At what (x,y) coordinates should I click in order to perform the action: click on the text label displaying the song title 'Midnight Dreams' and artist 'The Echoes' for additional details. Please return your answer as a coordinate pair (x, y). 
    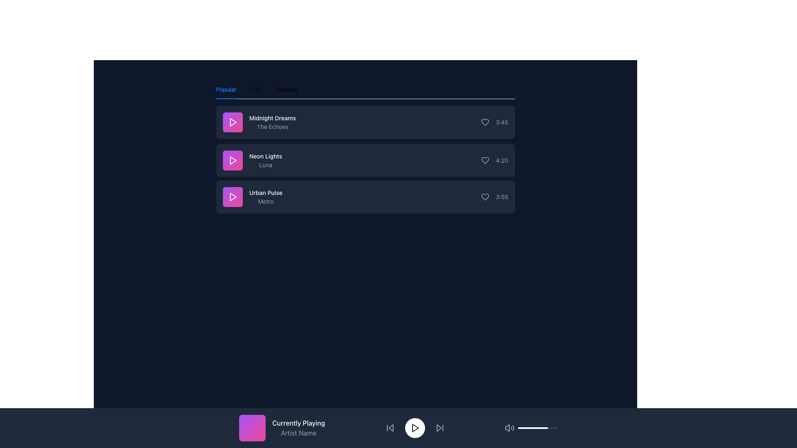
    Looking at the image, I should click on (259, 122).